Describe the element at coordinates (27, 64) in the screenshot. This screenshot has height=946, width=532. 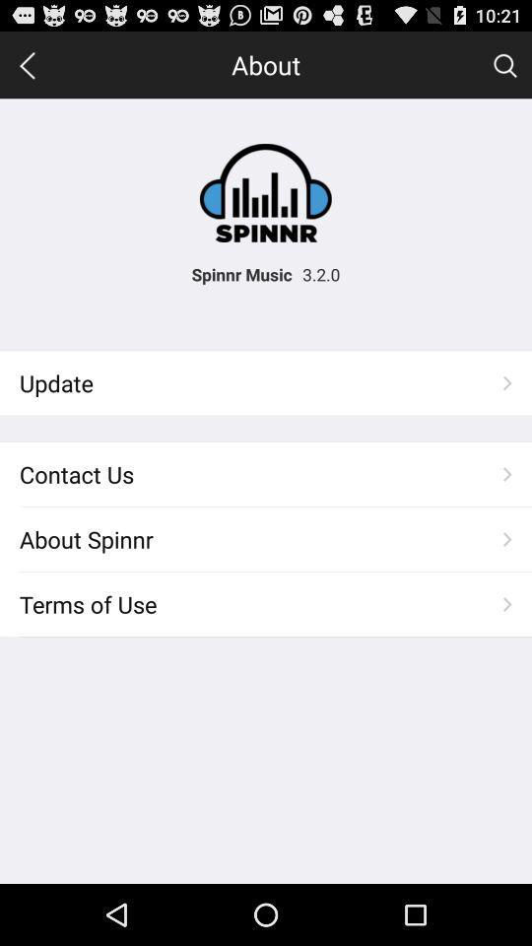
I see `backward arrow icon` at that location.